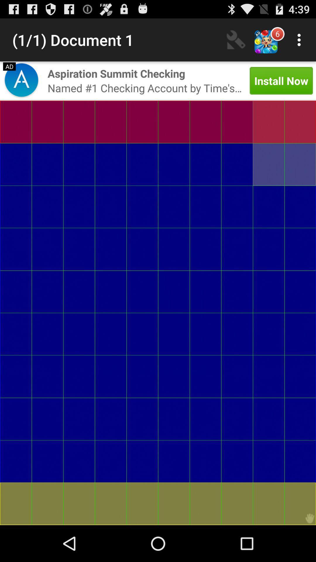 Image resolution: width=316 pixels, height=562 pixels. Describe the element at coordinates (116, 73) in the screenshot. I see `the icon to the left of install now app` at that location.